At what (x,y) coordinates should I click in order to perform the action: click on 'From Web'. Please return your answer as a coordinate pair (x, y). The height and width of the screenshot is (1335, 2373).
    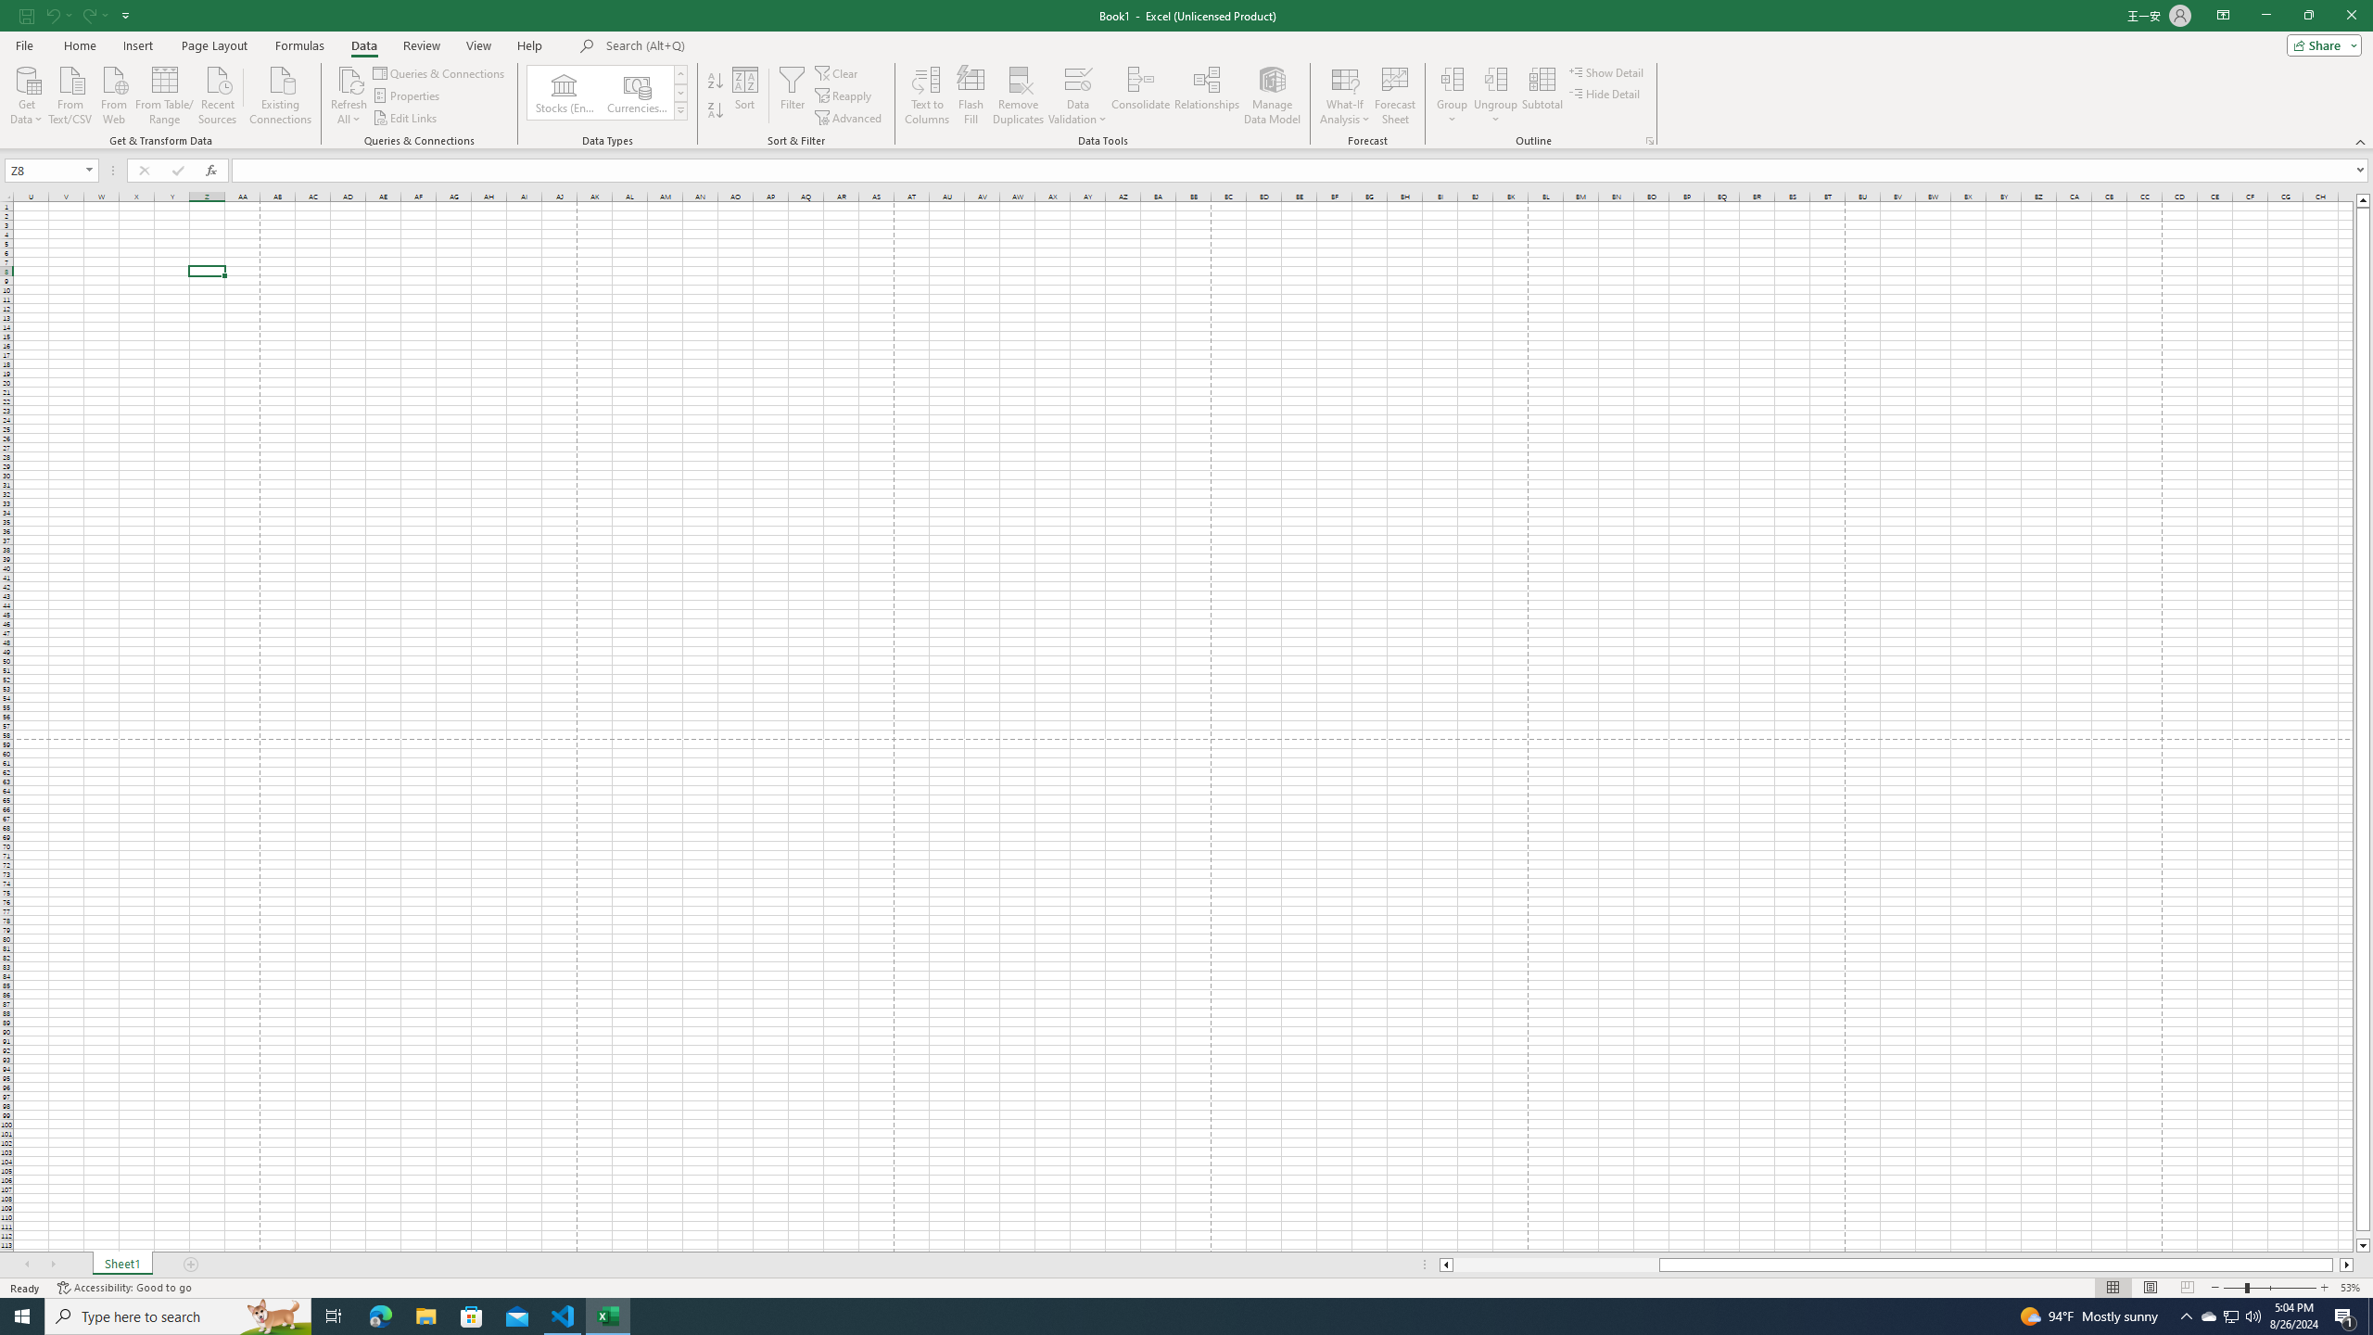
    Looking at the image, I should click on (113, 93).